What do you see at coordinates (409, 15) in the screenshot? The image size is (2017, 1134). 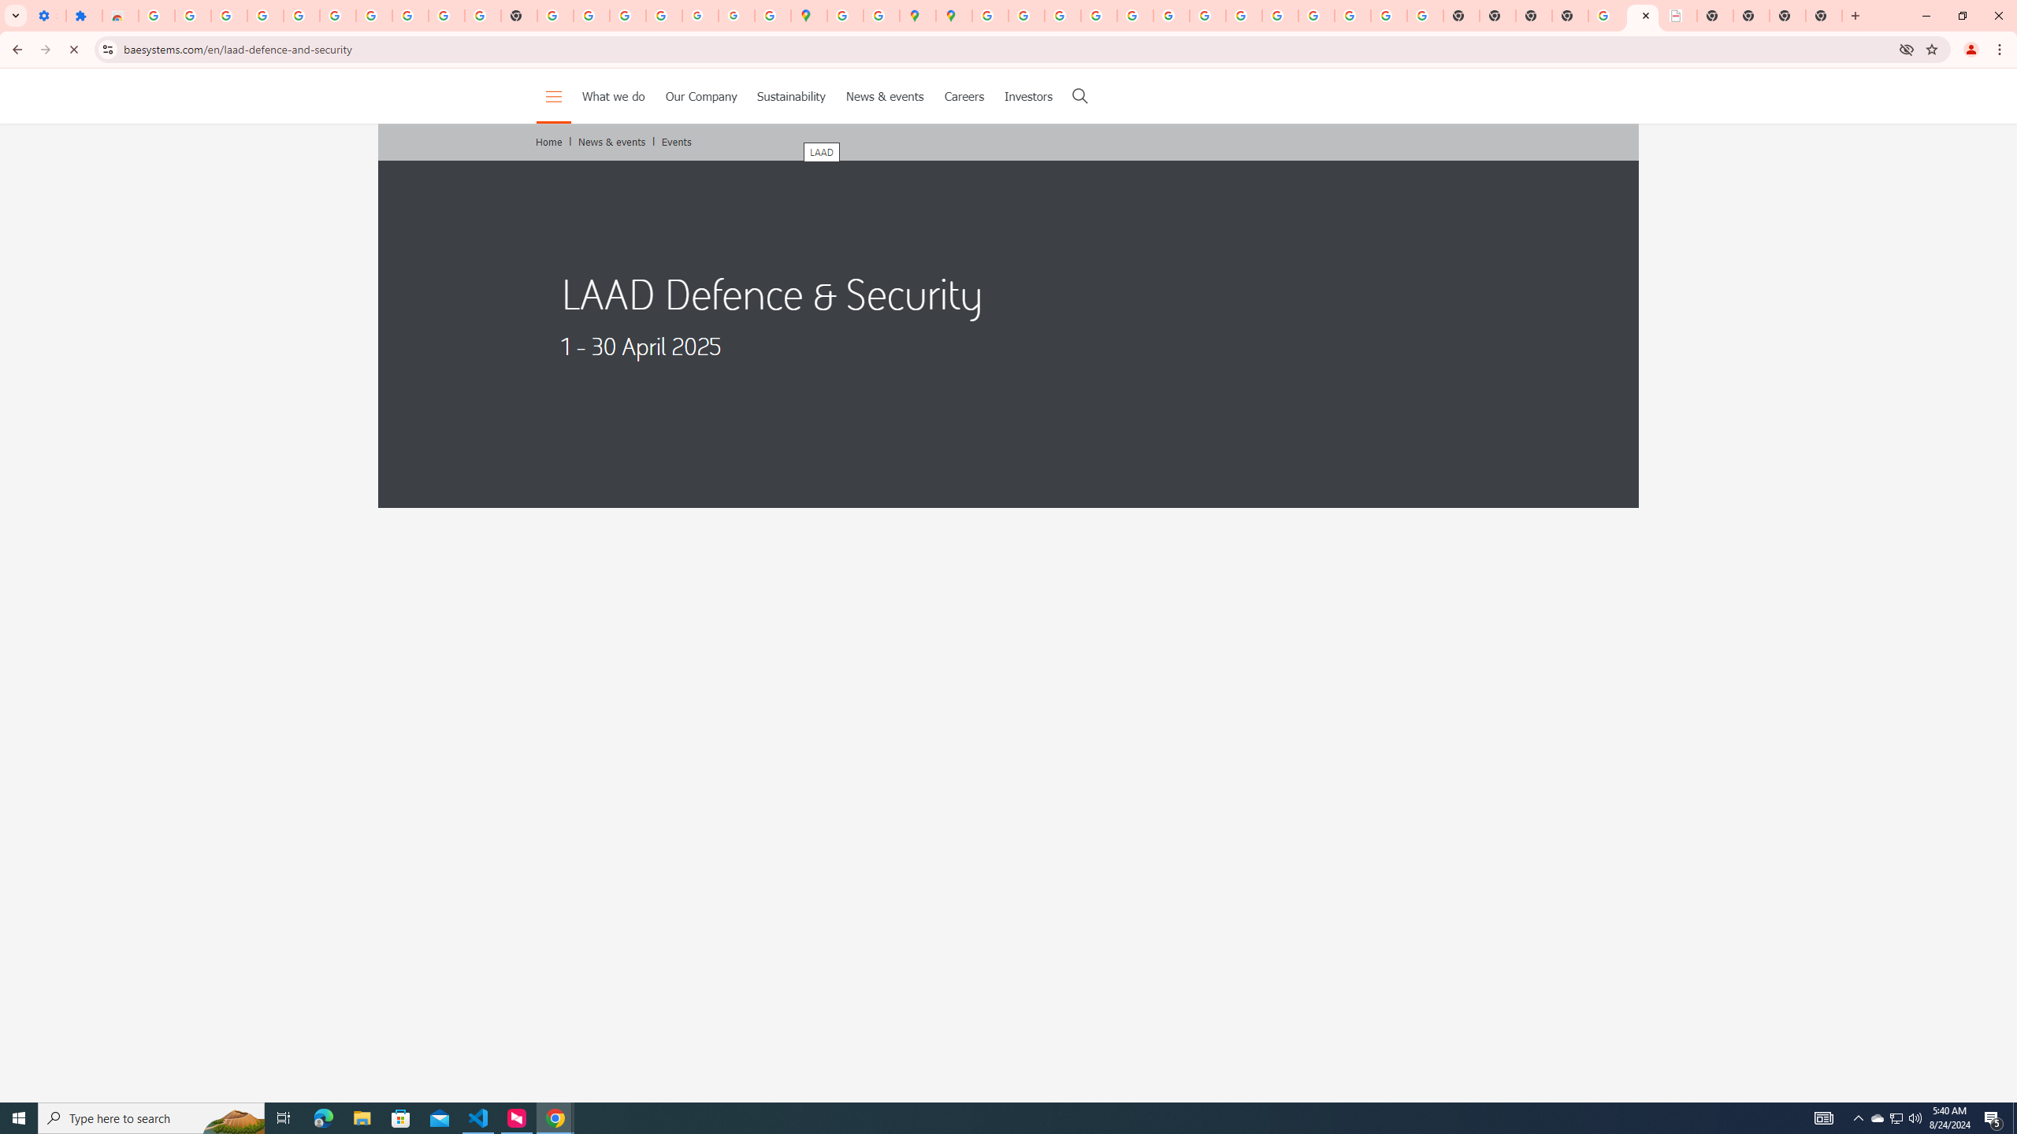 I see `'Google Account'` at bounding box center [409, 15].